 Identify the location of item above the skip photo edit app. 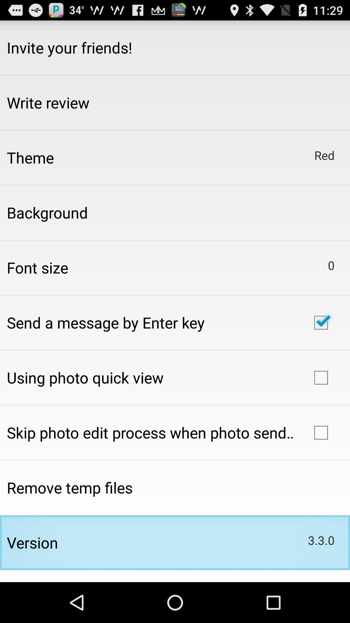
(85, 377).